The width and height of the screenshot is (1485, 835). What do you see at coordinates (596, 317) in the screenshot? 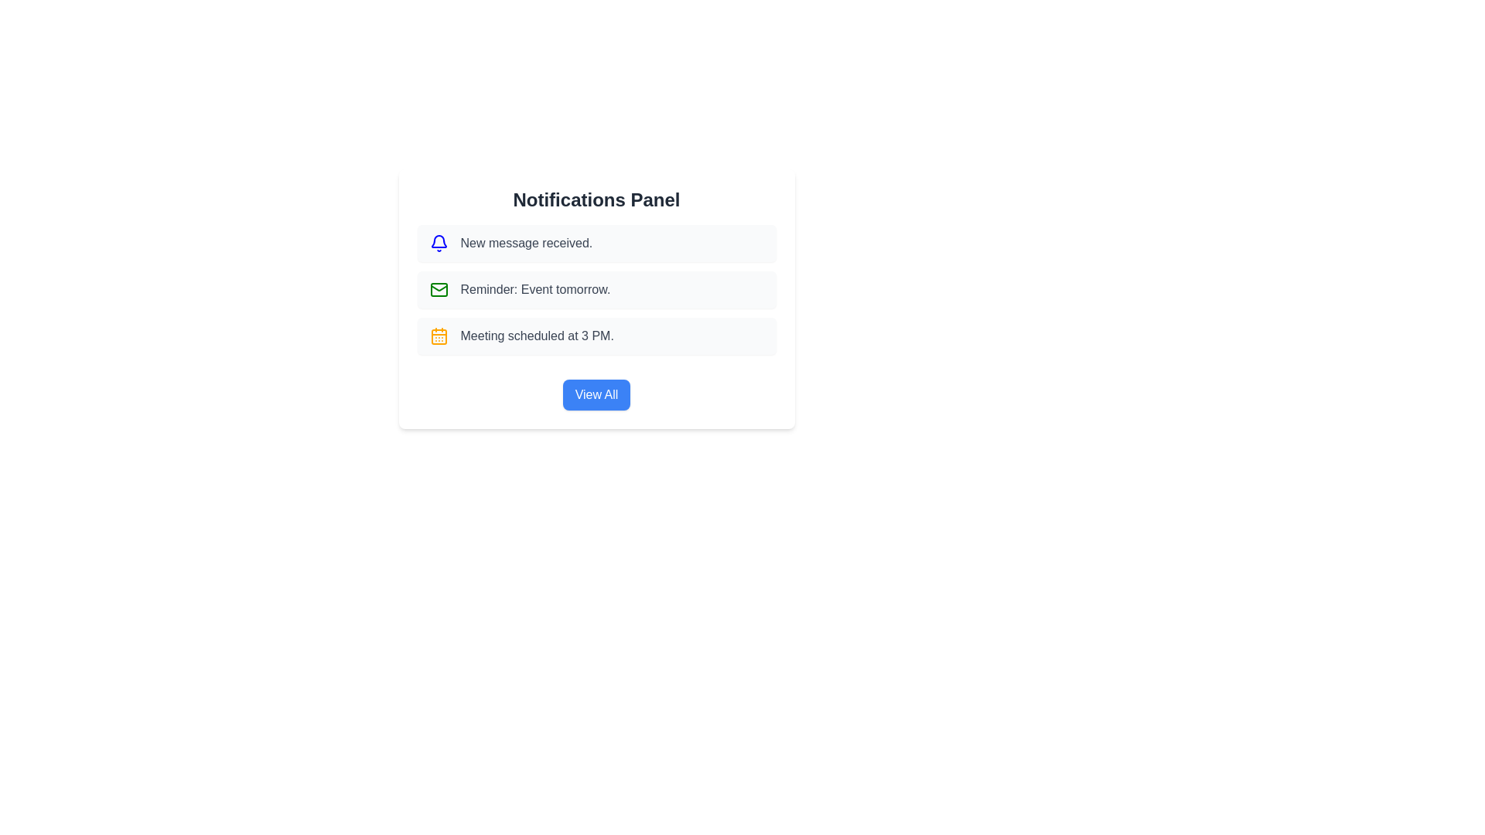
I see `the Notifications Panel which contains three notification items and a 'View All' button` at bounding box center [596, 317].